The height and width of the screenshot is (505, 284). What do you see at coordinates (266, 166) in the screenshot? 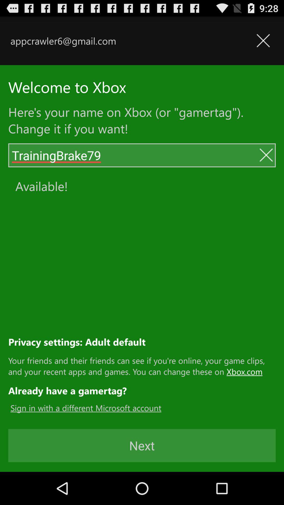
I see `the close icon` at bounding box center [266, 166].